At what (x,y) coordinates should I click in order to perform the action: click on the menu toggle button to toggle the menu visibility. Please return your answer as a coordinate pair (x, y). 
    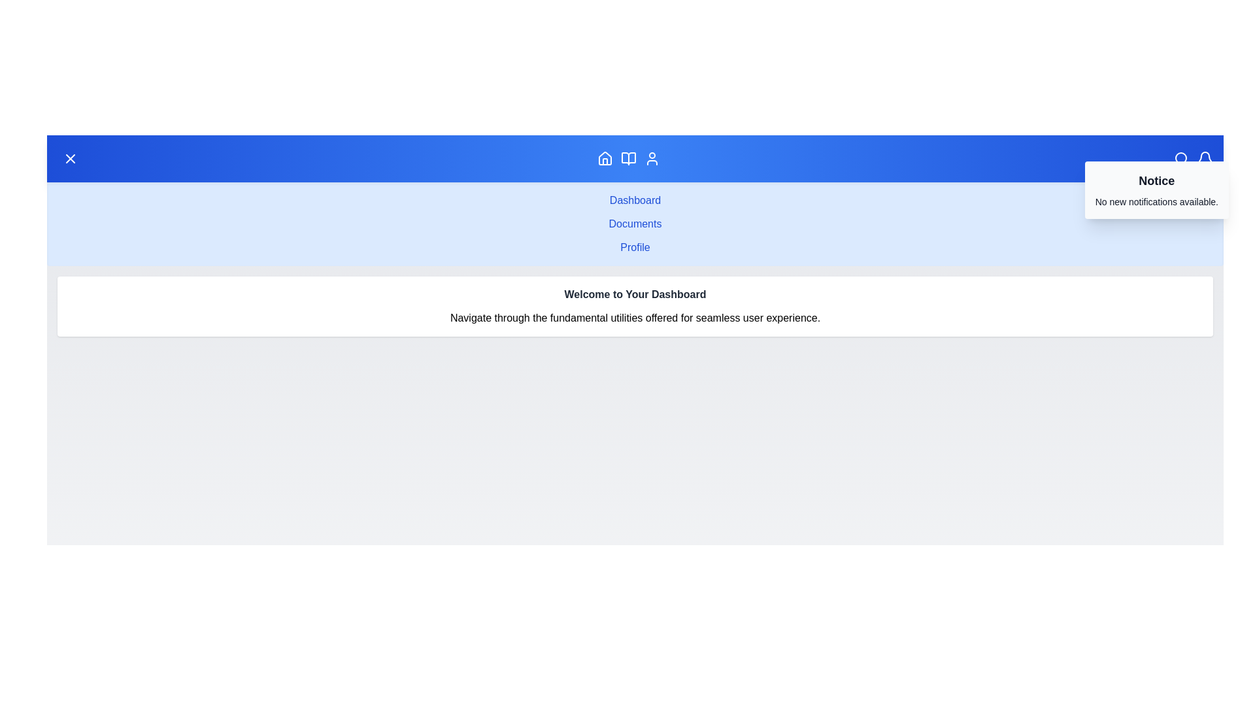
    Looking at the image, I should click on (70, 158).